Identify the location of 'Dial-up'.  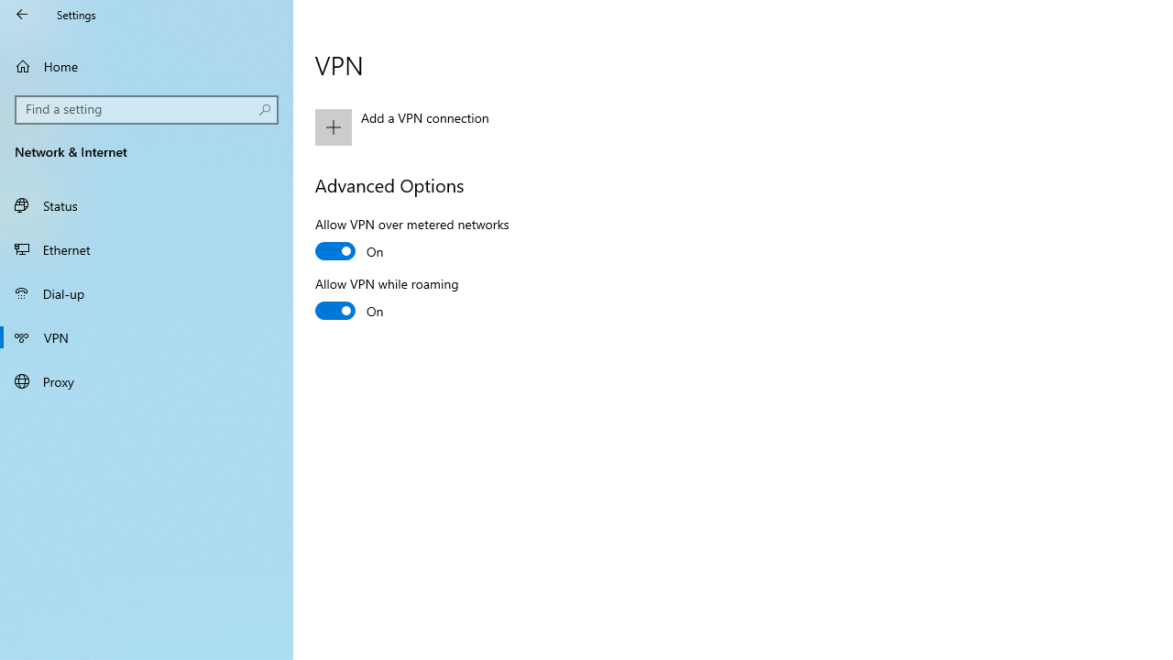
(147, 292).